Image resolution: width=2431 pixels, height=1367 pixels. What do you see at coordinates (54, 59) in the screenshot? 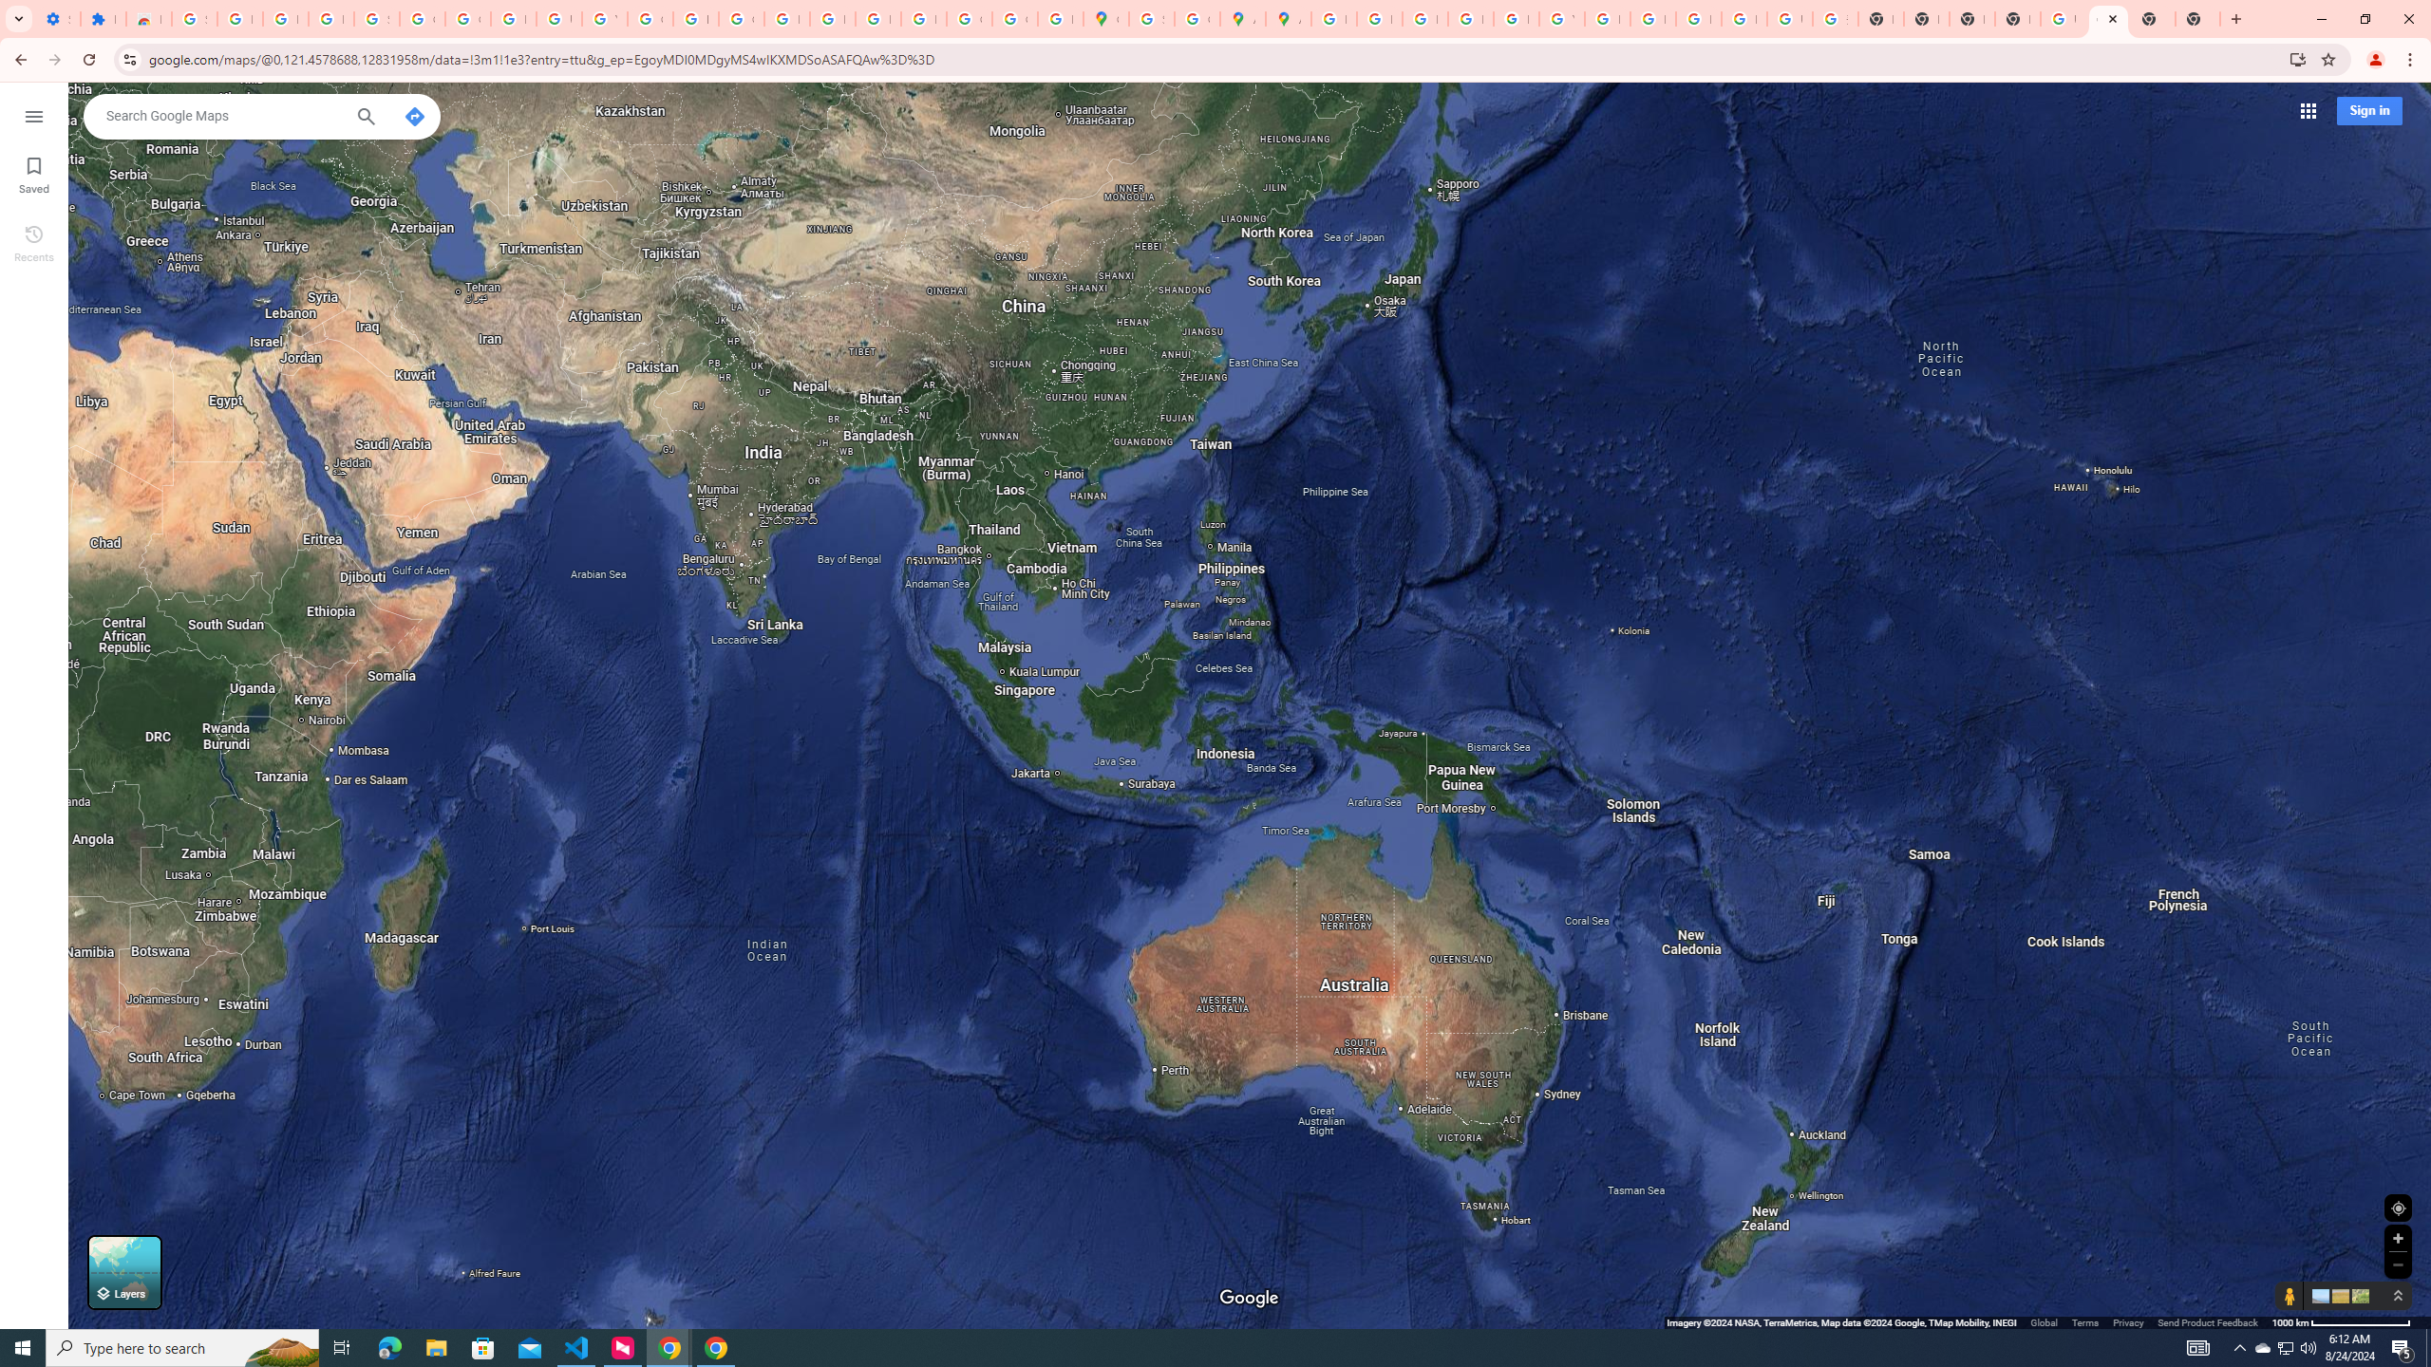
I see `'Forward'` at bounding box center [54, 59].